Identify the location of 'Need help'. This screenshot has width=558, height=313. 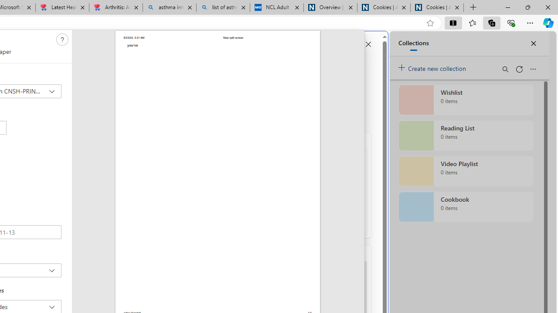
(62, 40).